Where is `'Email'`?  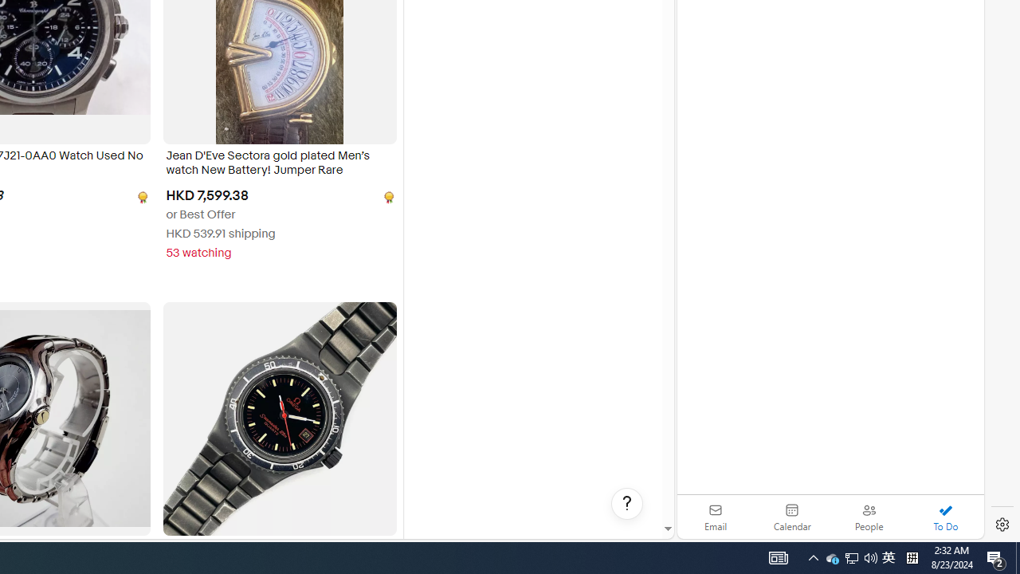
'Email' is located at coordinates (715, 517).